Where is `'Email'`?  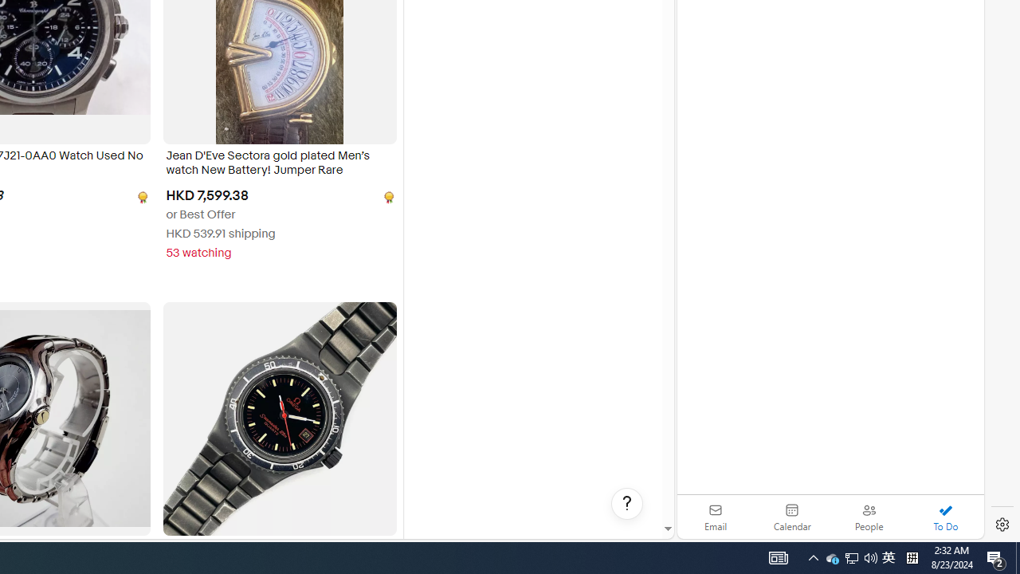
'Email' is located at coordinates (715, 517).